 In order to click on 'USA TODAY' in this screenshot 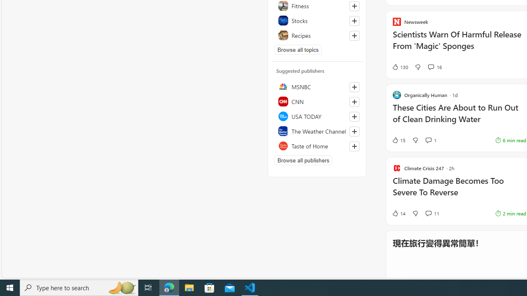, I will do `click(317, 116)`.